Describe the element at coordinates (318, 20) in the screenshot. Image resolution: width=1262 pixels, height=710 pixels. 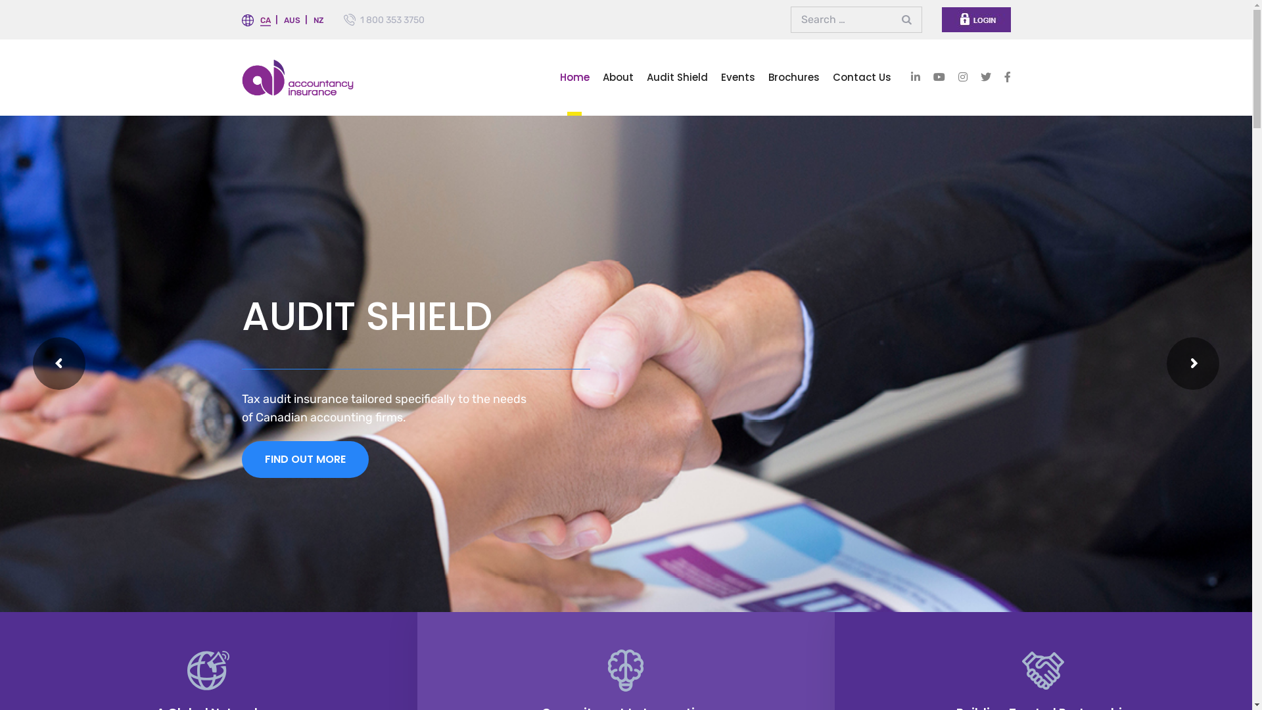
I see `'NZ'` at that location.